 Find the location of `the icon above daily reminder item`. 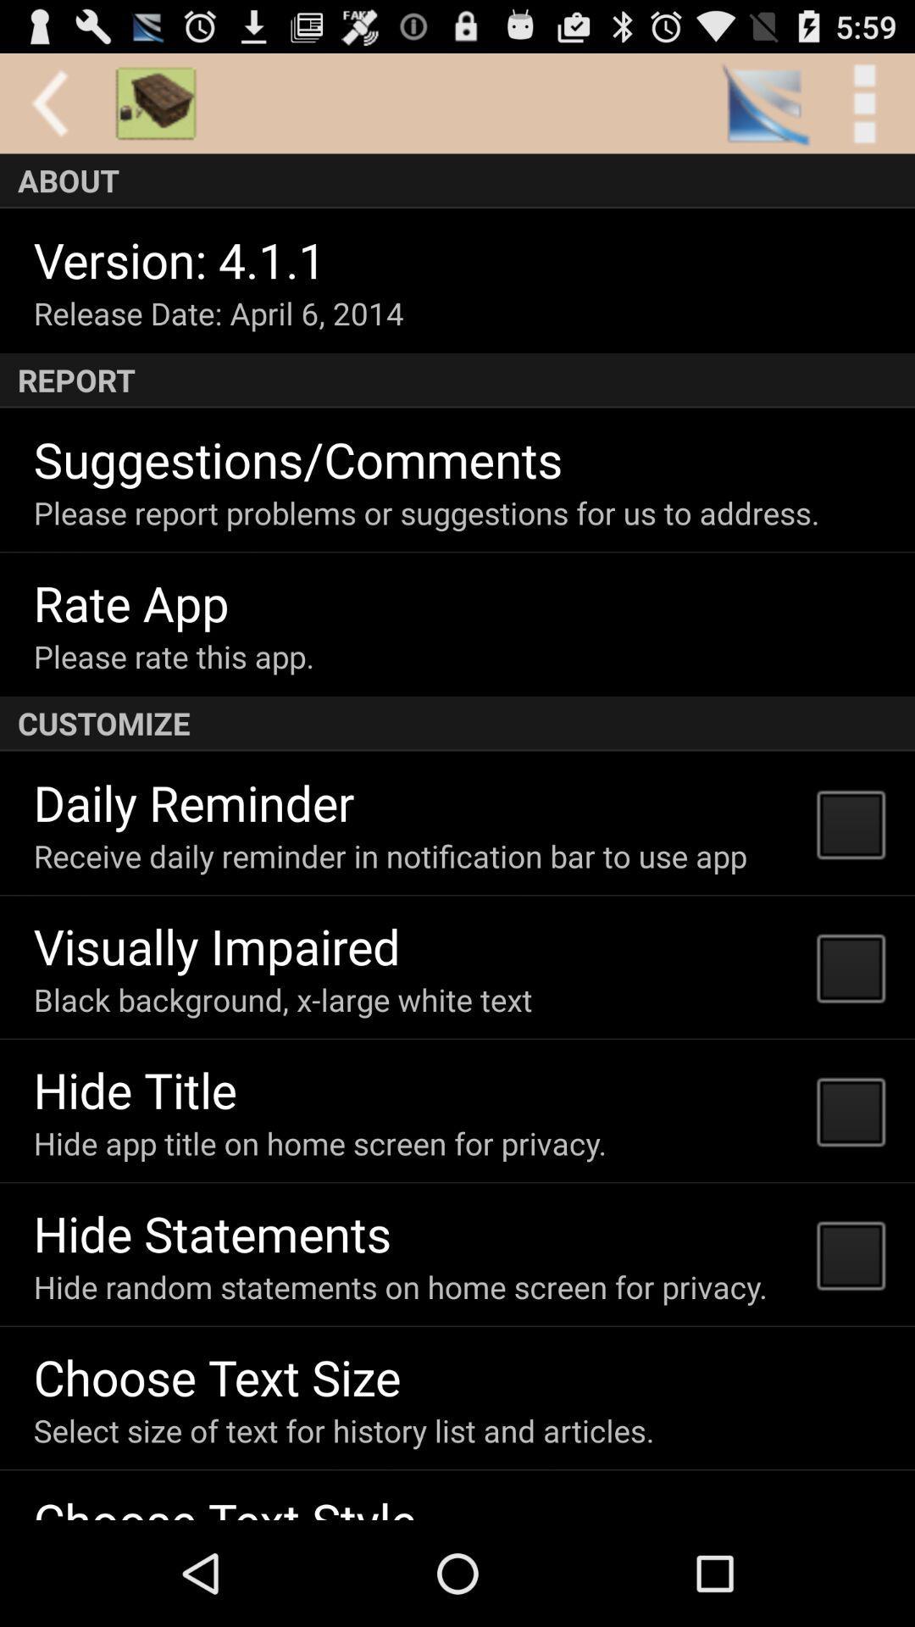

the icon above daily reminder item is located at coordinates (457, 724).